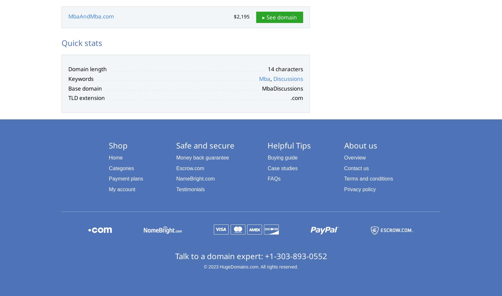 The width and height of the screenshot is (502, 296). I want to click on '+1-303-893-0552', so click(295, 255).